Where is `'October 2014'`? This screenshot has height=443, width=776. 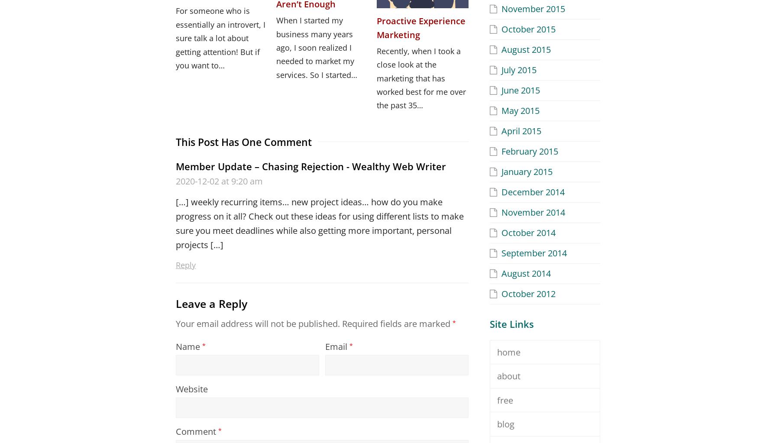
'October 2014' is located at coordinates (501, 232).